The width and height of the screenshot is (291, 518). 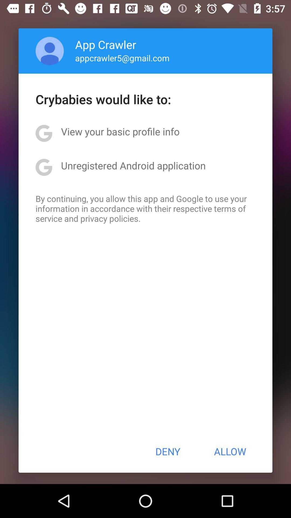 I want to click on the item to the left of the app crawler icon, so click(x=50, y=51).